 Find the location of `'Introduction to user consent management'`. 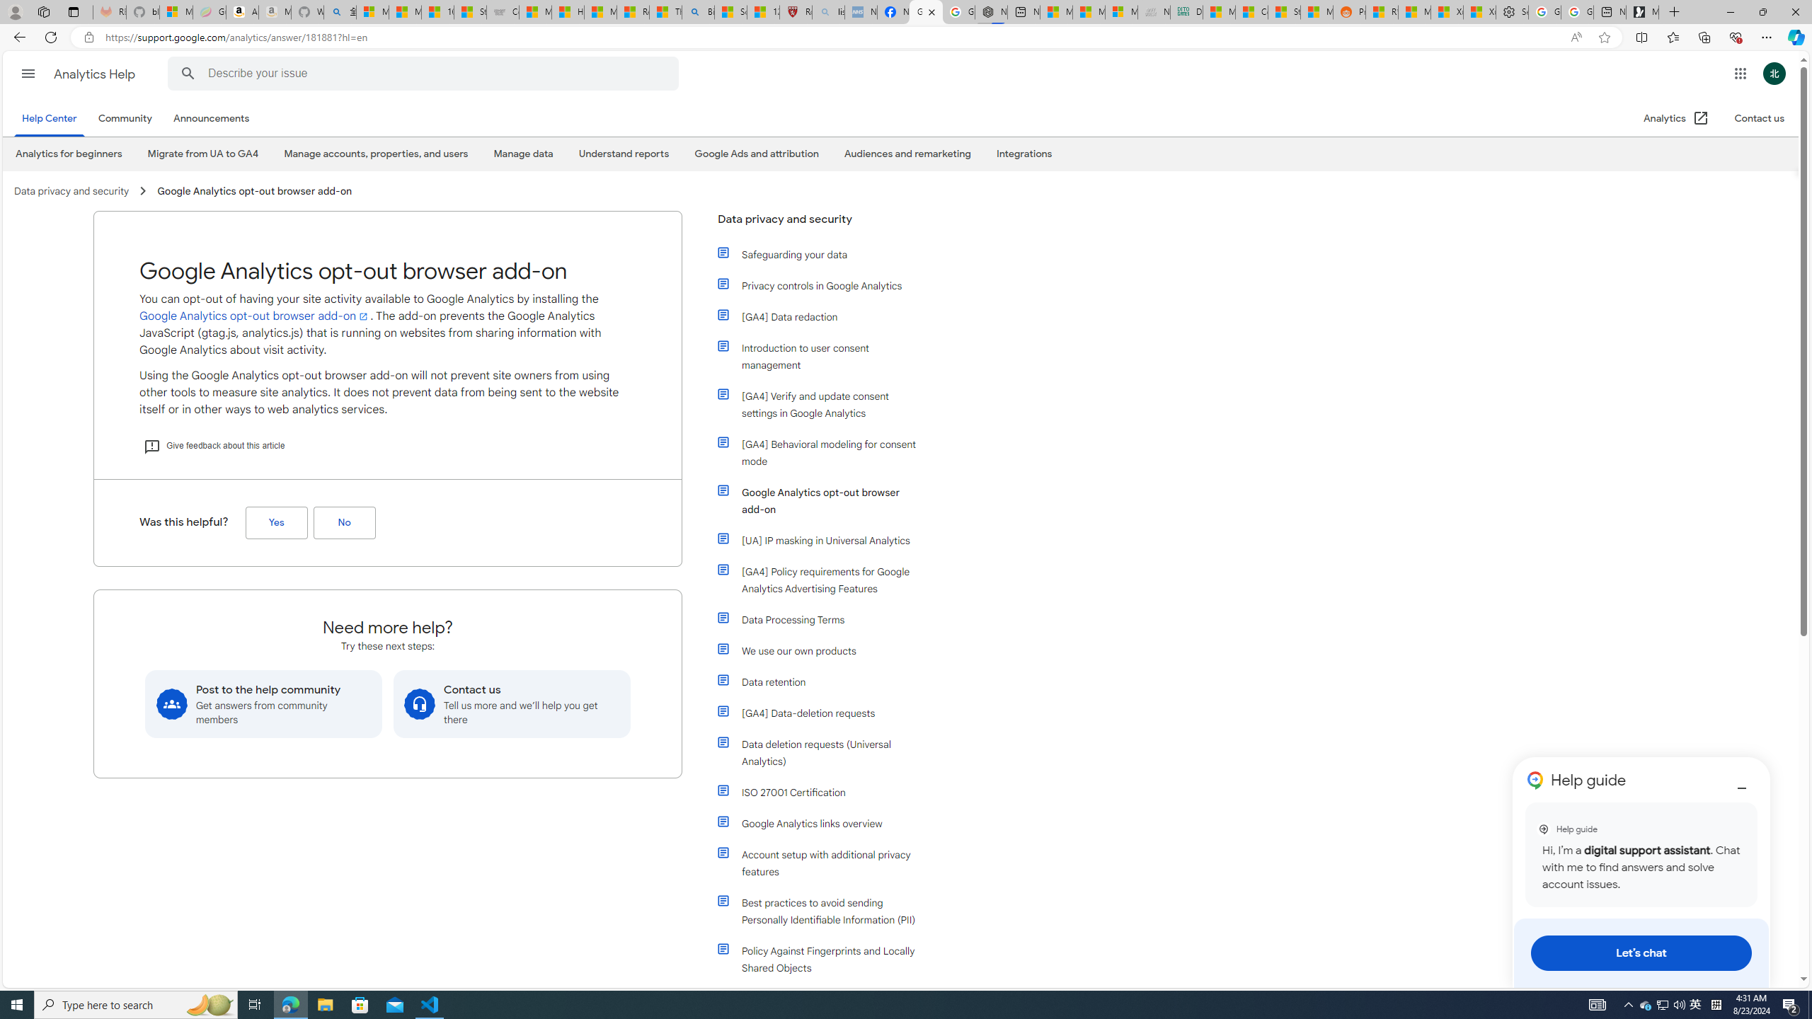

'Introduction to user consent management' is located at coordinates (819, 355).